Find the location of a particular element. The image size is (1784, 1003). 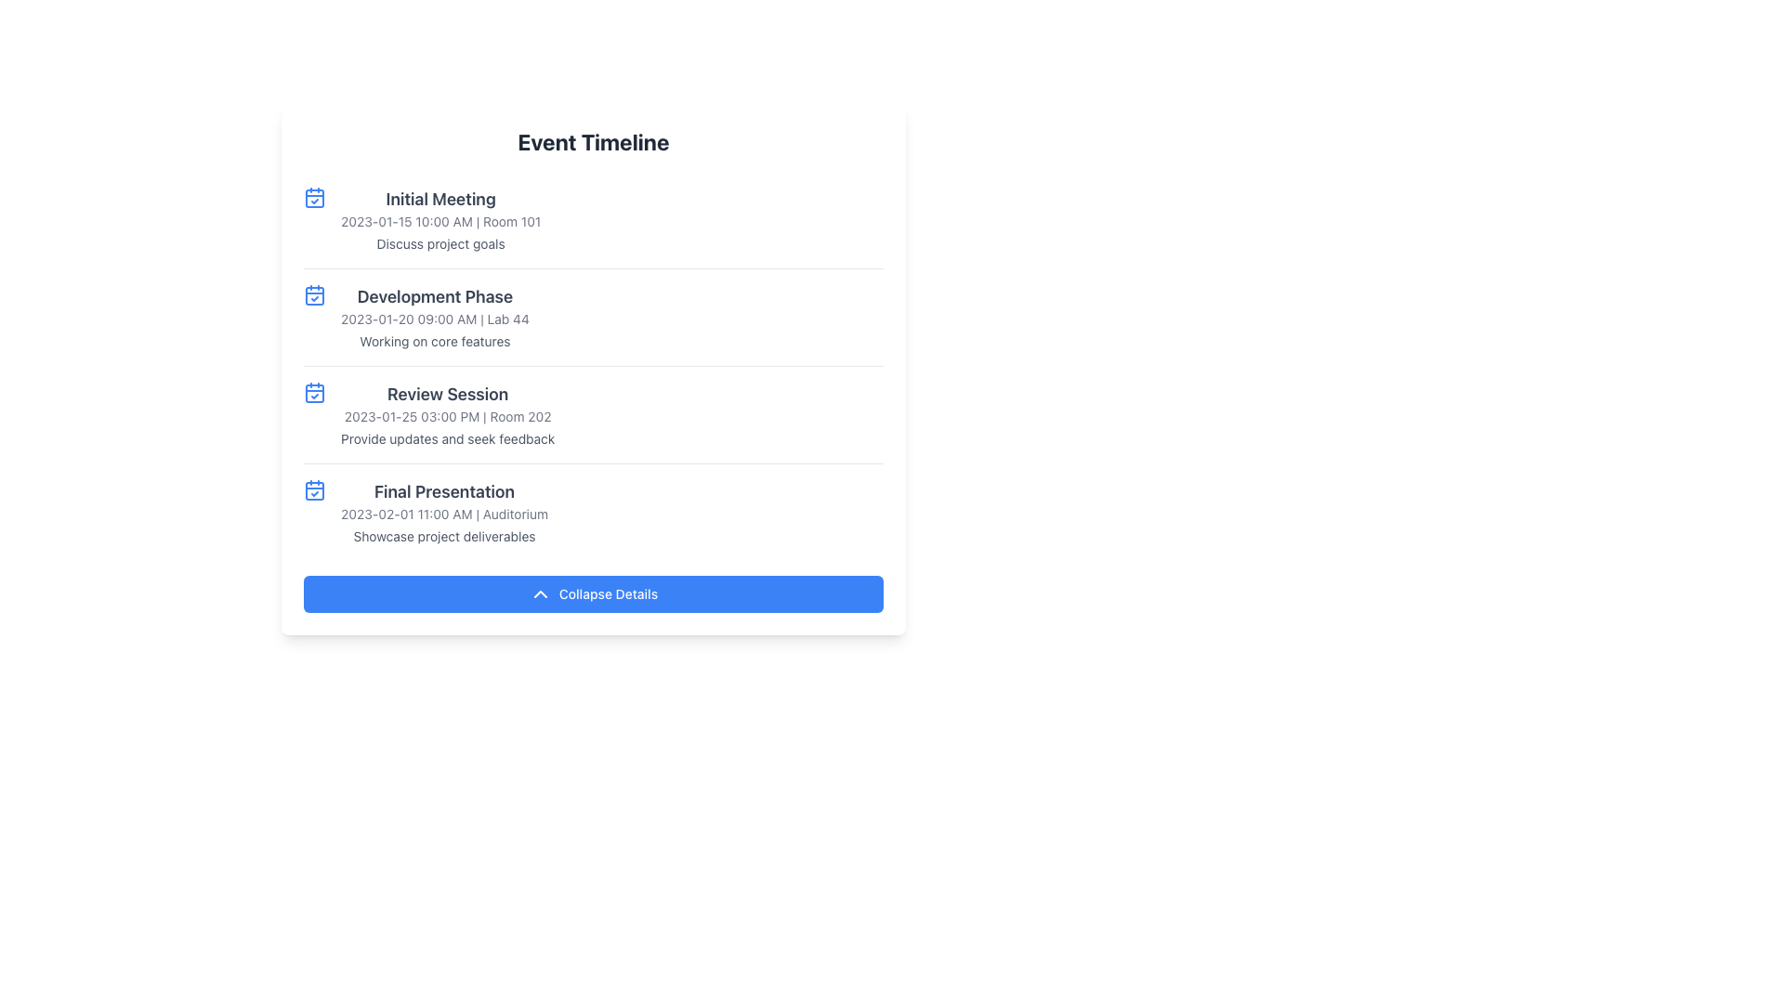

the icon indicating a scheduled session or event in the 'Review Session' section of the 'Event Timeline' list, located to the far left before the text description is located at coordinates (315, 392).